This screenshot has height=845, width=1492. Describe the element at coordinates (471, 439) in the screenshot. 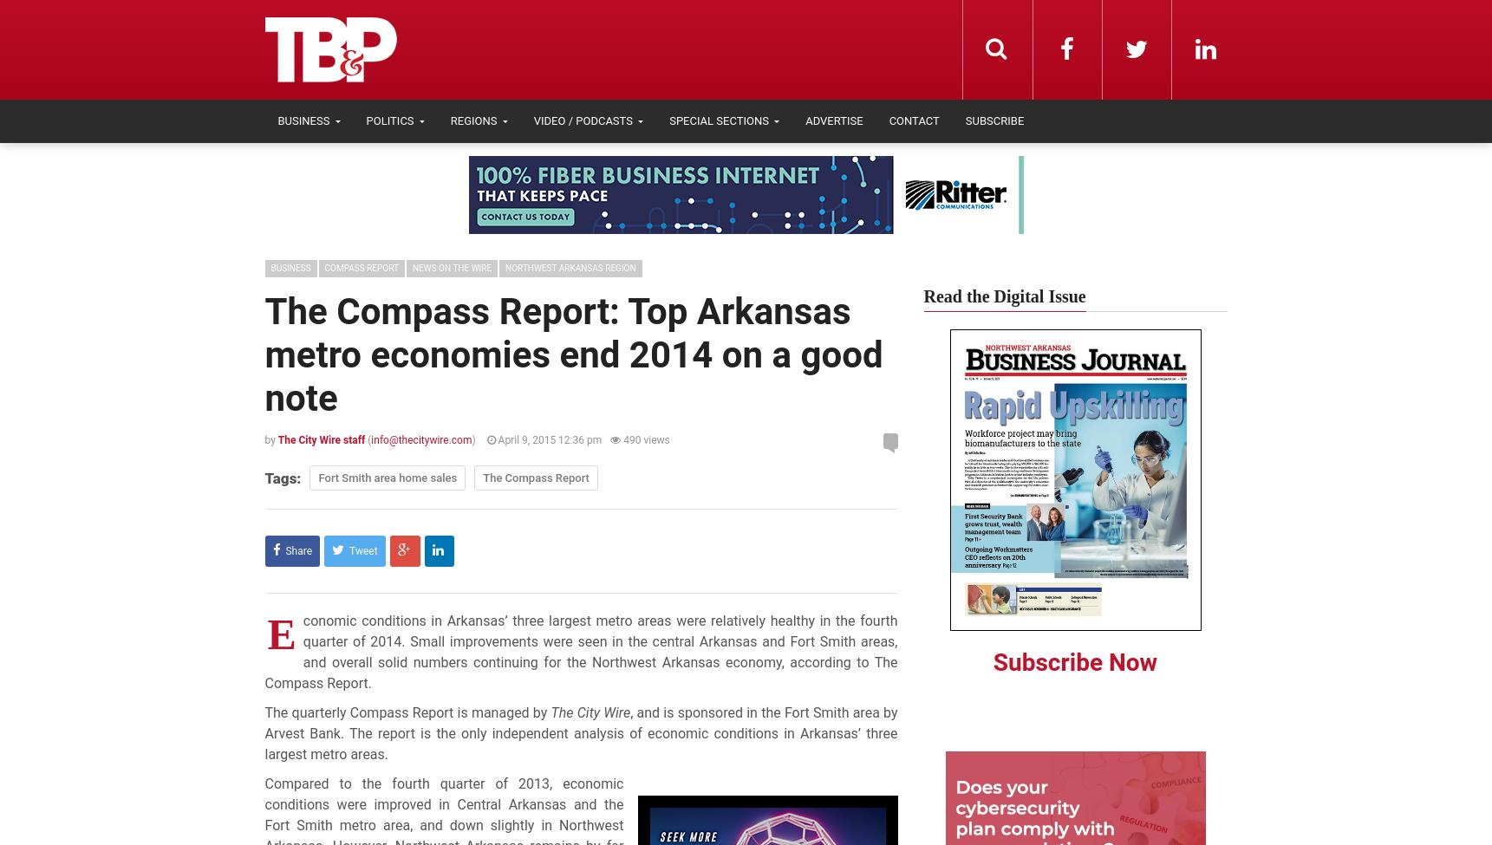

I see `')'` at that location.